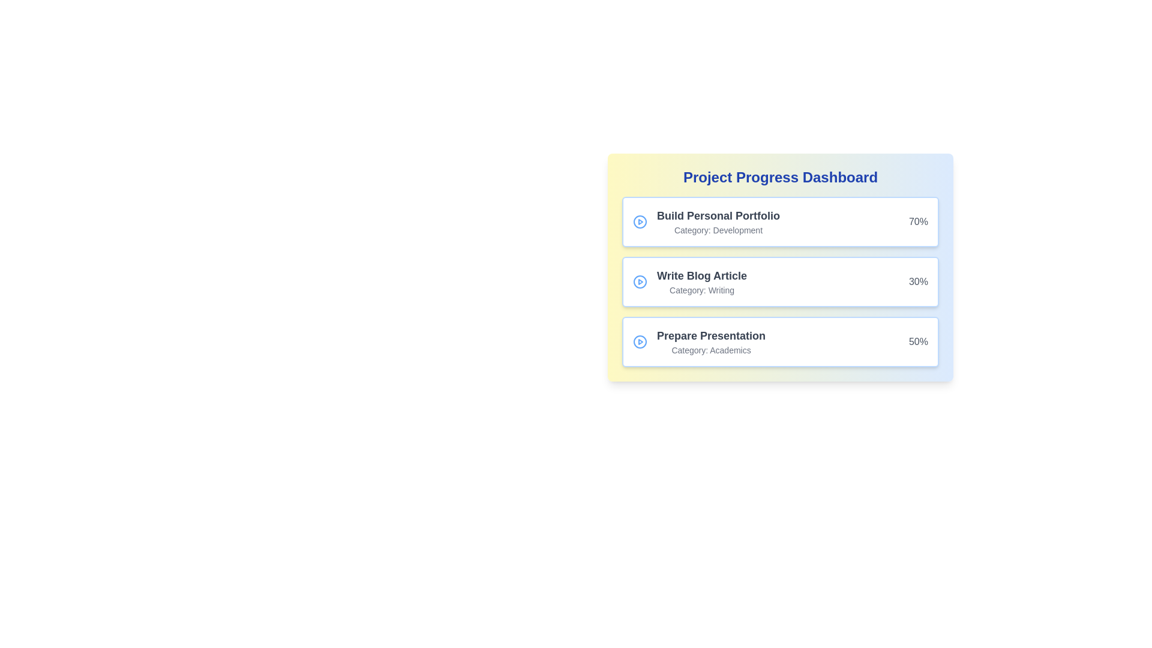  What do you see at coordinates (639, 282) in the screenshot?
I see `the blue circular icon element located in the center of the second list item under 'Project Progress Dashboard', which is to the left of the 'Write Blog Article' text` at bounding box center [639, 282].